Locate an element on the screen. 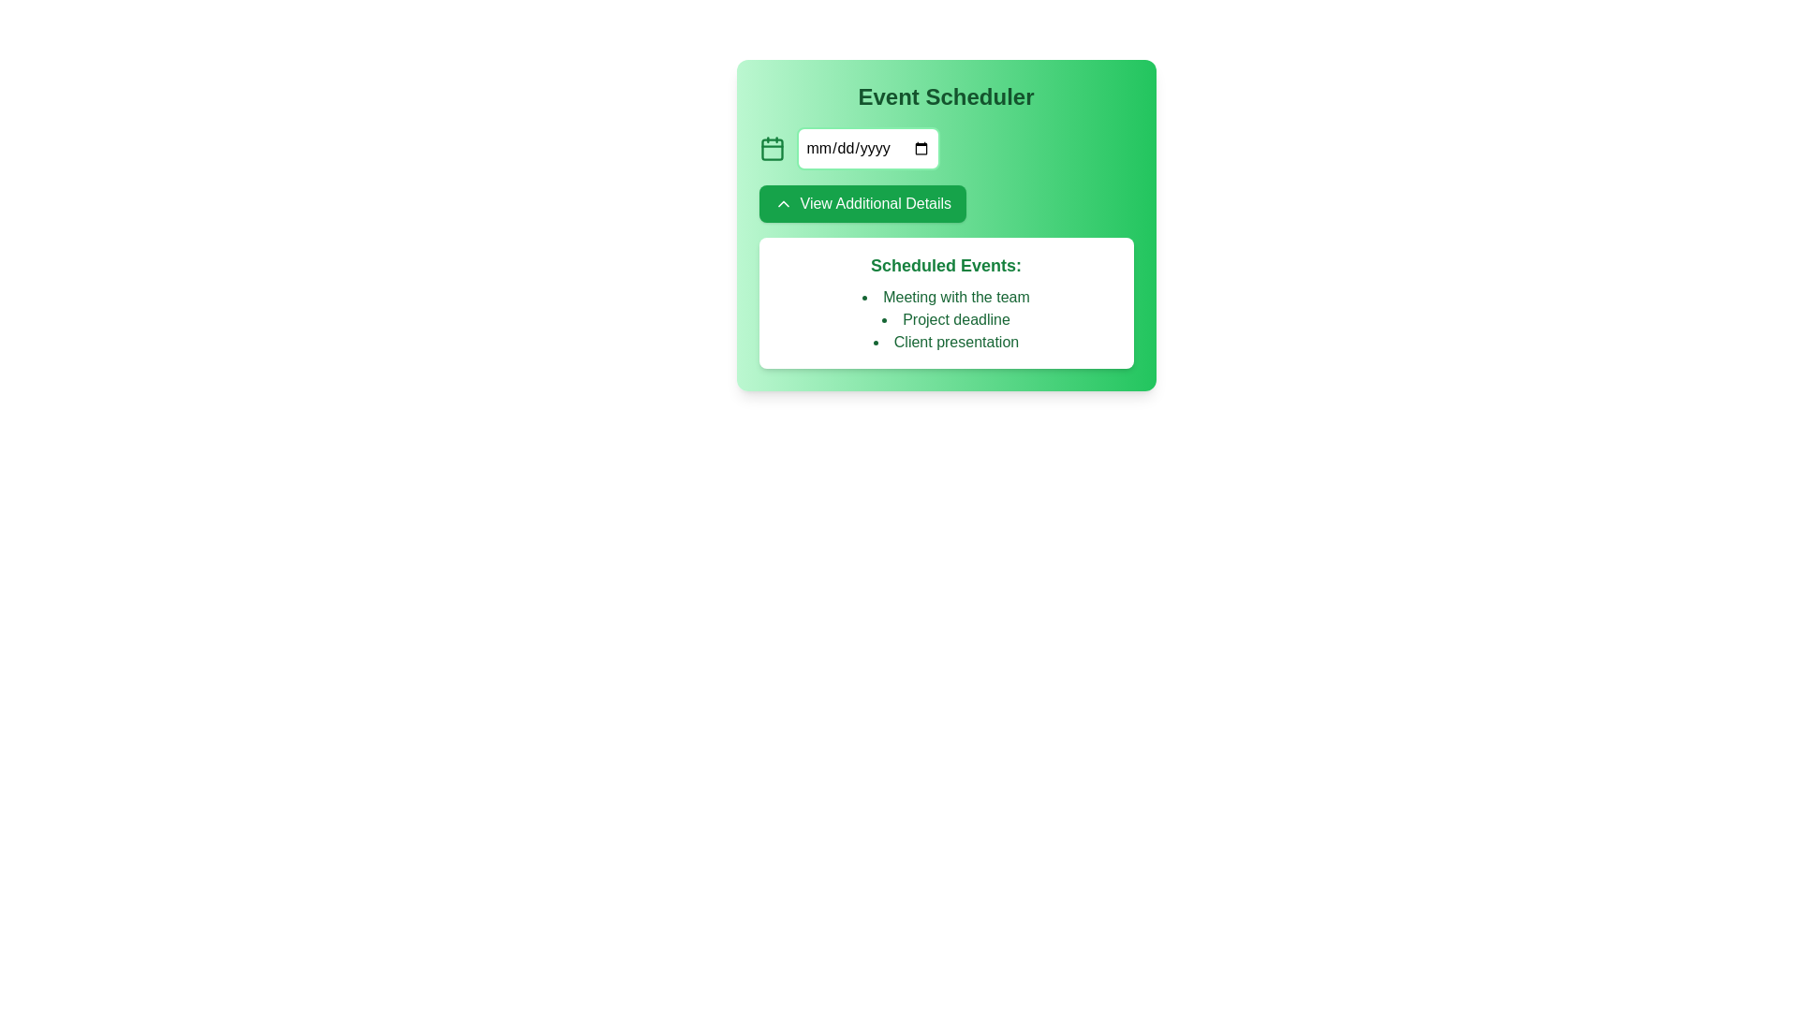 This screenshot has width=1798, height=1011. the text label displaying 'Project deadline' which is the second item in the bulleted list under 'Scheduled Events' is located at coordinates (946, 319).